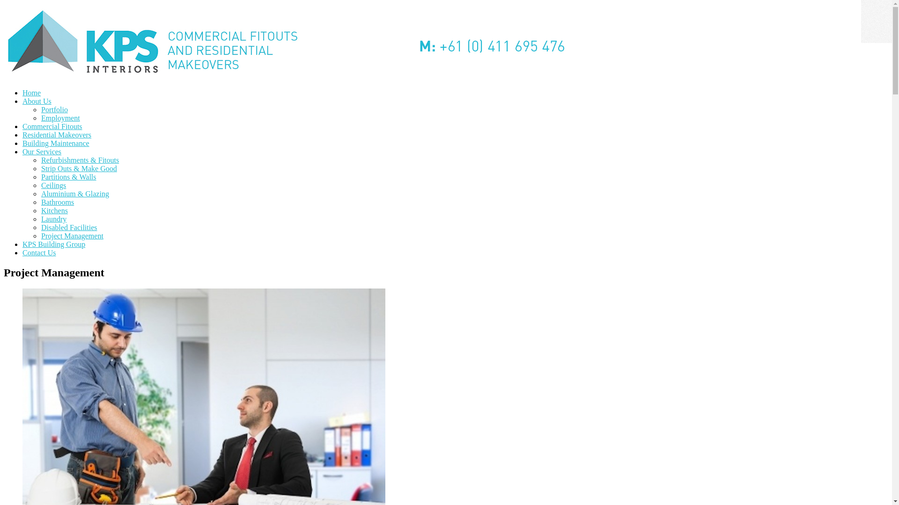 This screenshot has height=505, width=899. What do you see at coordinates (53, 185) in the screenshot?
I see `'Ceilings'` at bounding box center [53, 185].